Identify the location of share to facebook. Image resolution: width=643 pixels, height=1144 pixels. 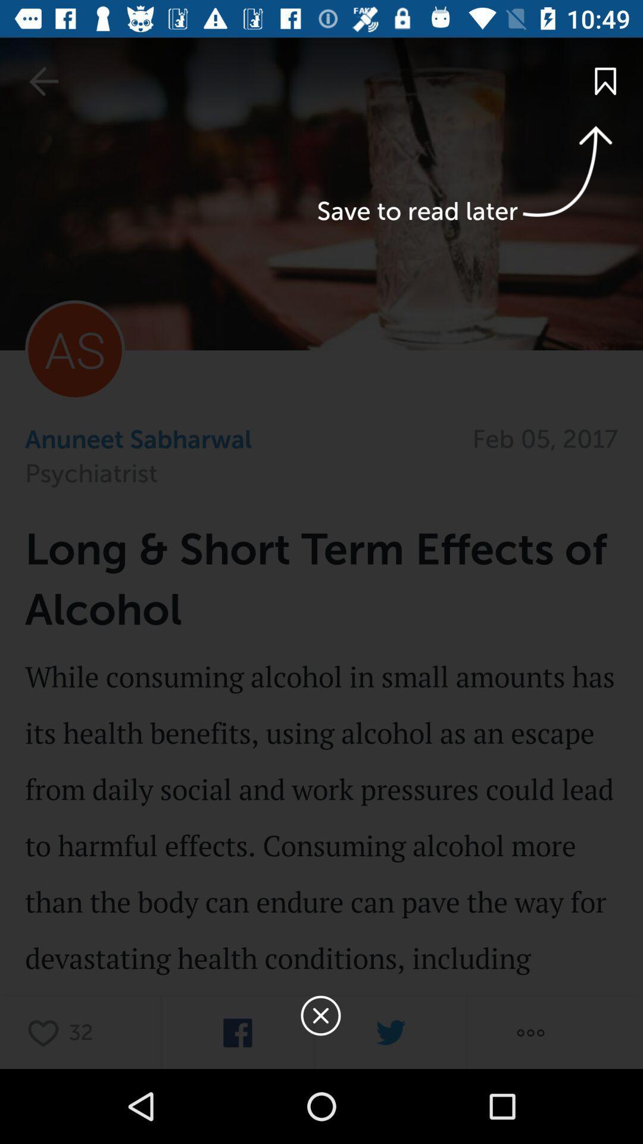
(238, 1032).